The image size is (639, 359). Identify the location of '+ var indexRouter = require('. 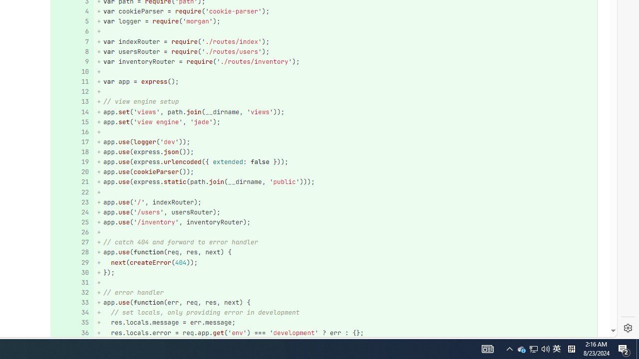
(345, 41).